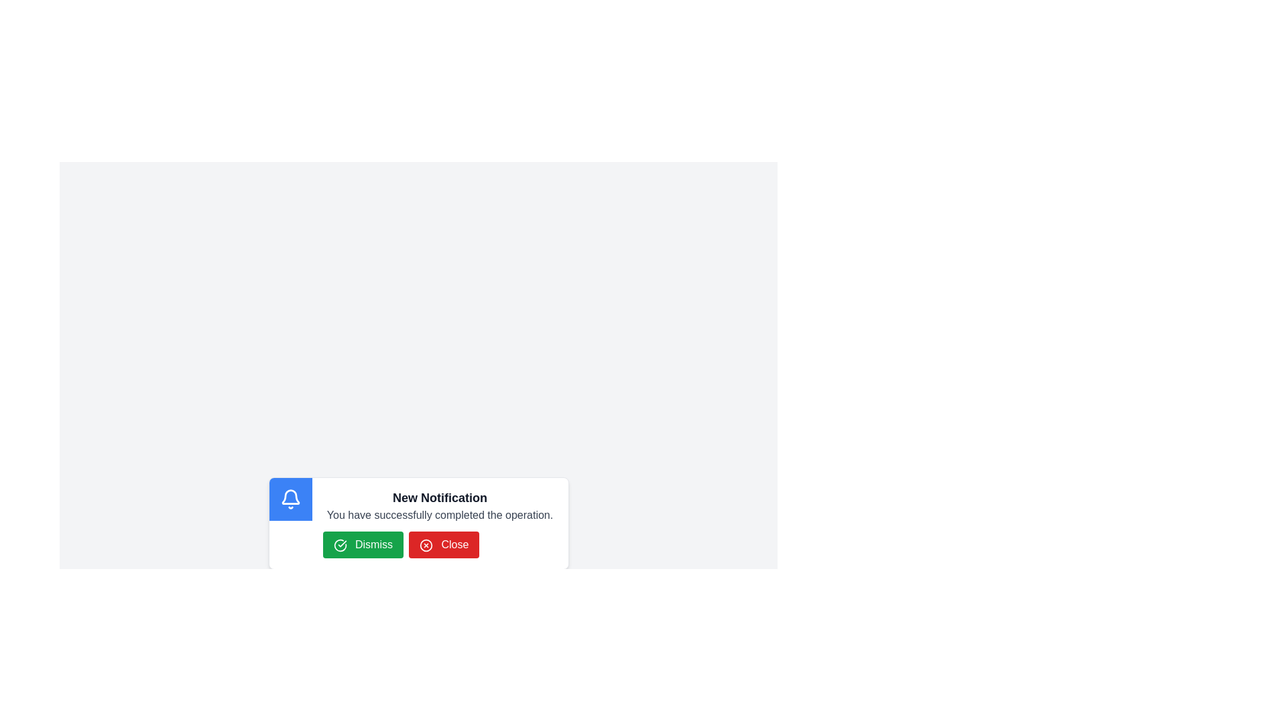  Describe the element at coordinates (425, 545) in the screenshot. I see `the decorative icon of the 'Close' button located near the lower part of the notification panel` at that location.